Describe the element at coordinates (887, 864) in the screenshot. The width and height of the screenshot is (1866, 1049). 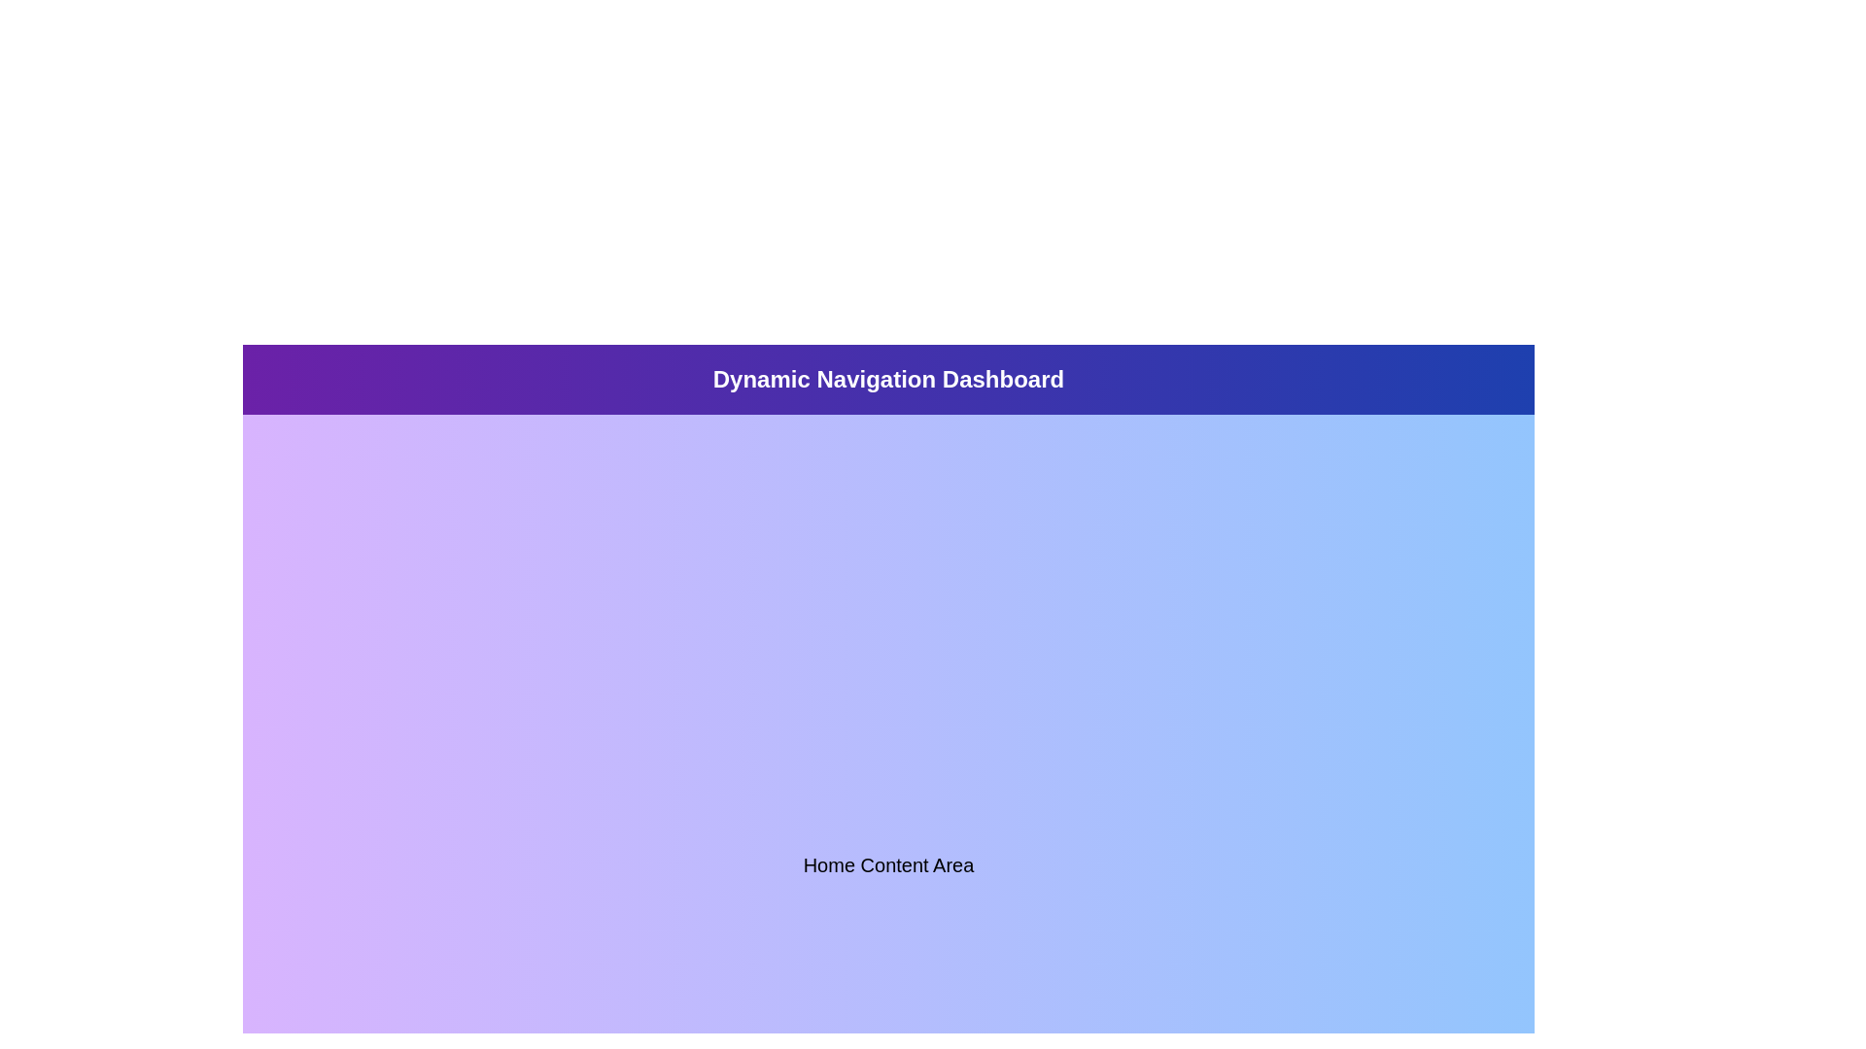
I see `text of the centrally positioned text label or heading that identifies the content area of the home page` at that location.